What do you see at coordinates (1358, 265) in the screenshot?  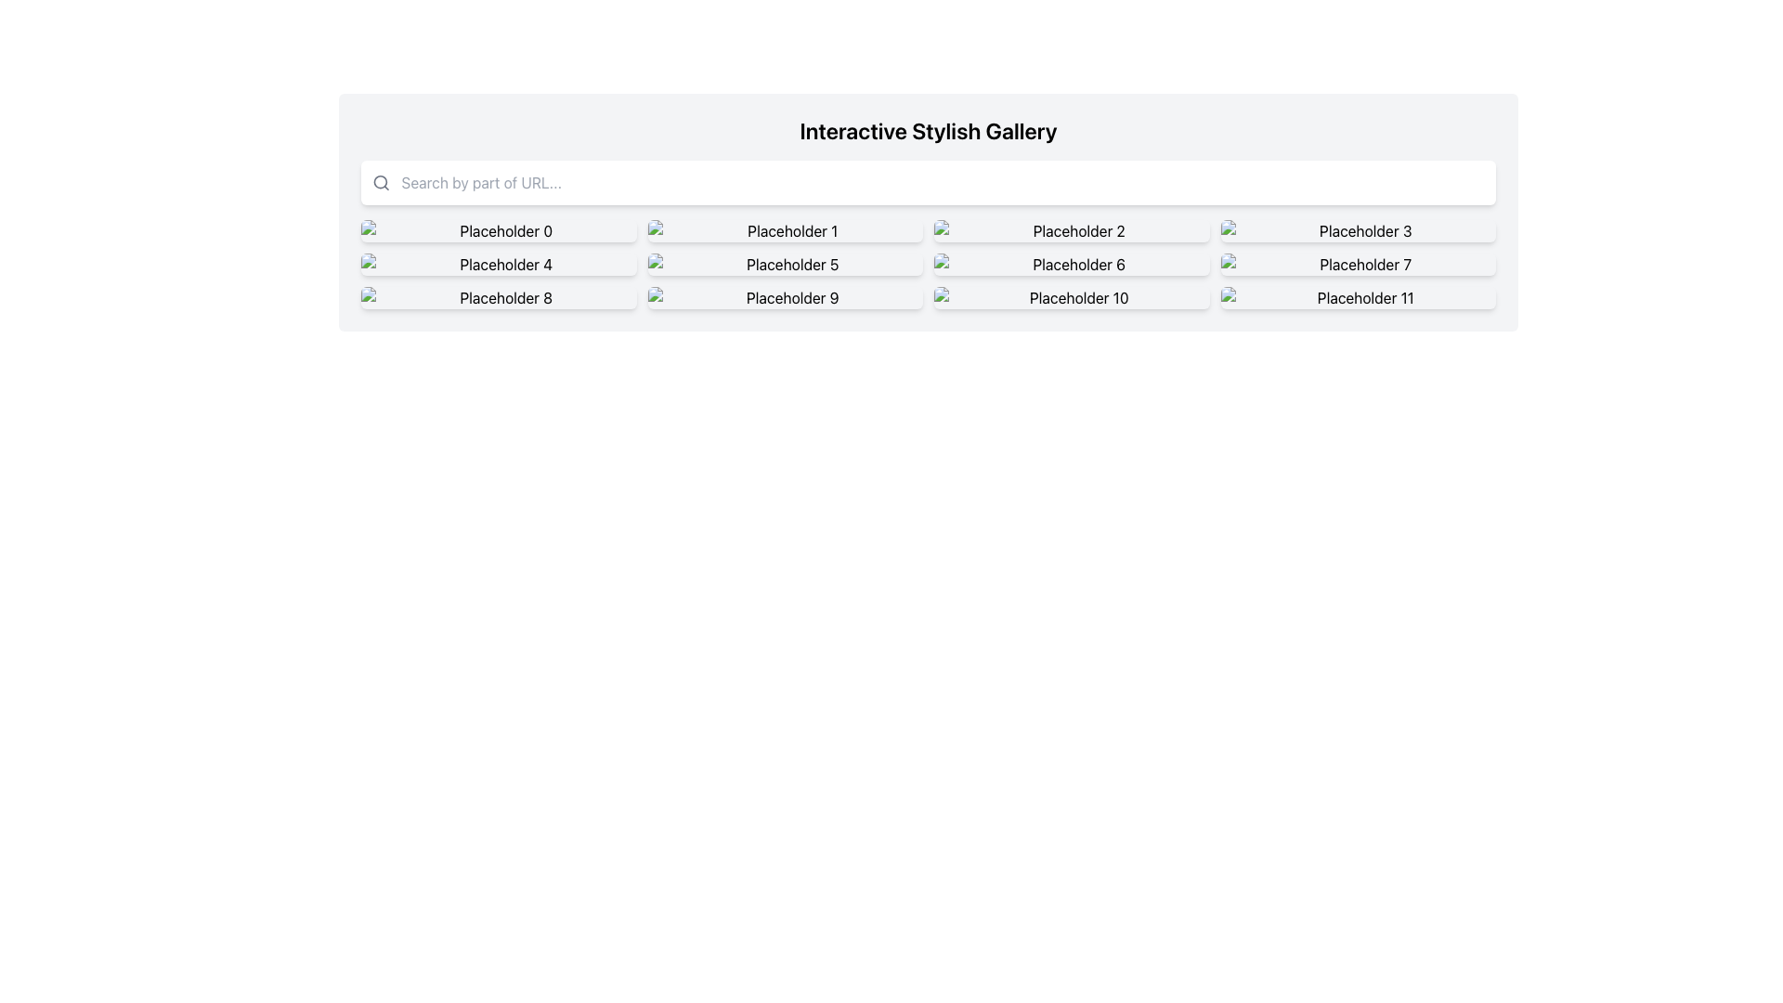 I see `the Interactive visual grid item displaying an image with the caption 'Placeholder 7', located in the second row and fourth column of the grid` at bounding box center [1358, 265].